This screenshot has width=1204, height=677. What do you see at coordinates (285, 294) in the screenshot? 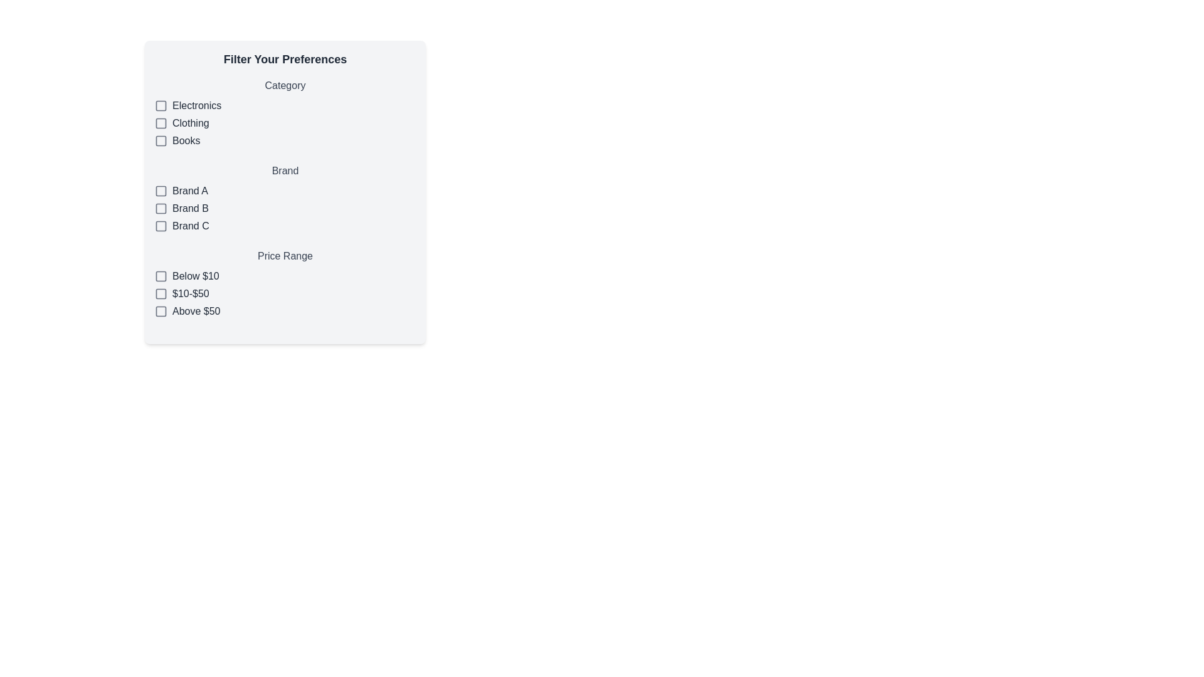
I see `the '$10-$50' checkbox option in the 'Price Range' filter section` at bounding box center [285, 294].